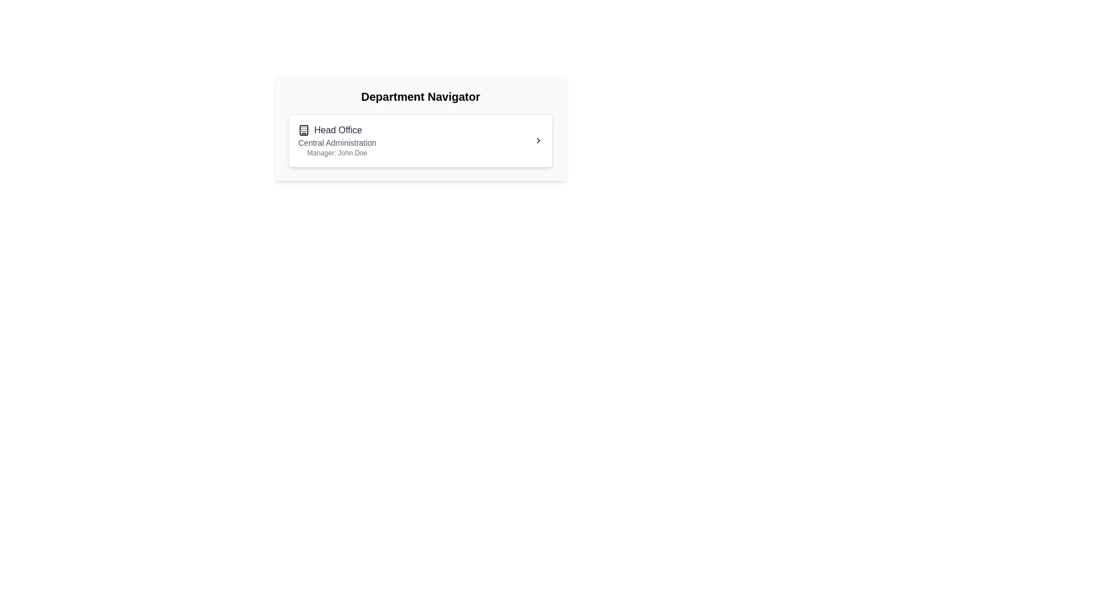  What do you see at coordinates (336, 153) in the screenshot?
I see `the static text label indicating the manager's name 'John Doe' associated with 'Head Office'` at bounding box center [336, 153].